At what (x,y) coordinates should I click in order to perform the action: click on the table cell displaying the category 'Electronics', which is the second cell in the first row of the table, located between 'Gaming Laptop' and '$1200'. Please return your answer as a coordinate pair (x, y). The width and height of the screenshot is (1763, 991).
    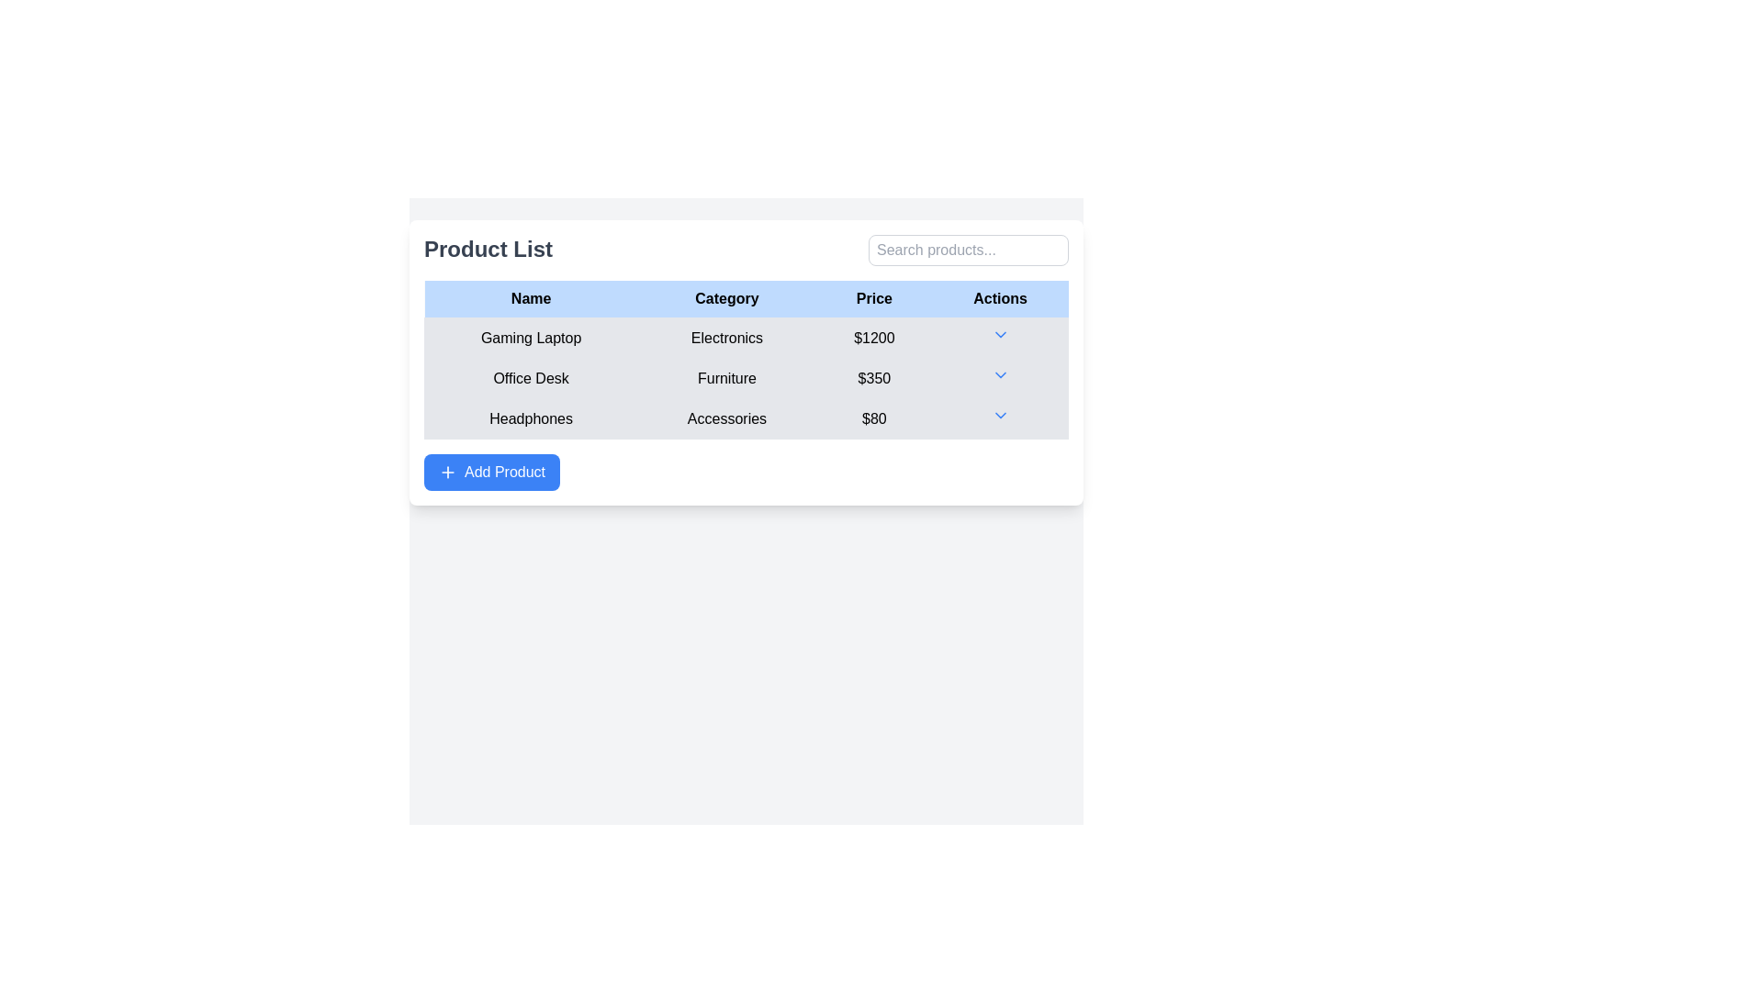
    Looking at the image, I should click on (746, 338).